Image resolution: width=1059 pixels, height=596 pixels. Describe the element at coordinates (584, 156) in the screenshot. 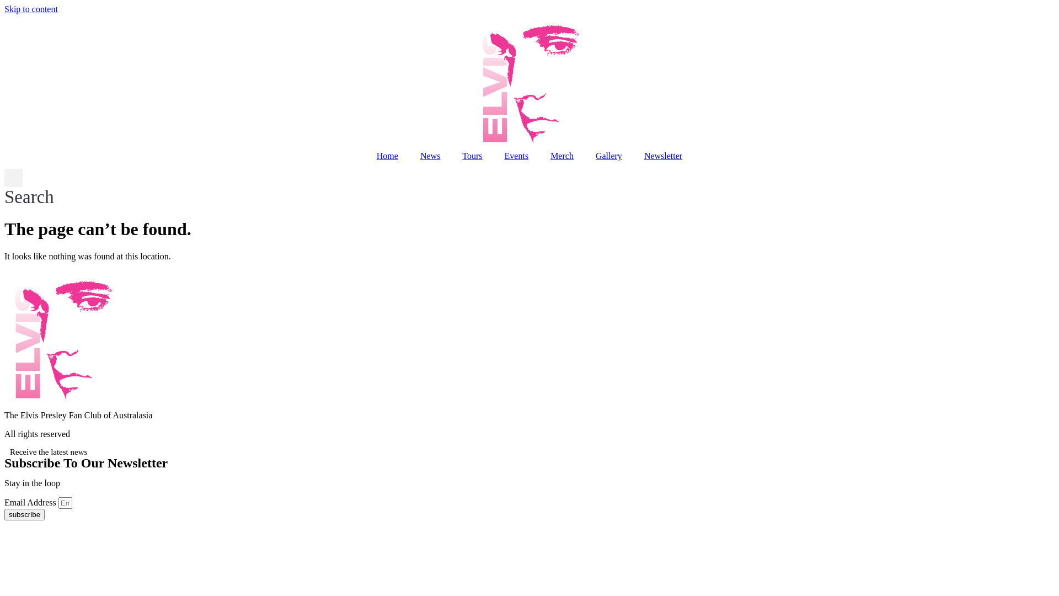

I see `'Gallery'` at that location.